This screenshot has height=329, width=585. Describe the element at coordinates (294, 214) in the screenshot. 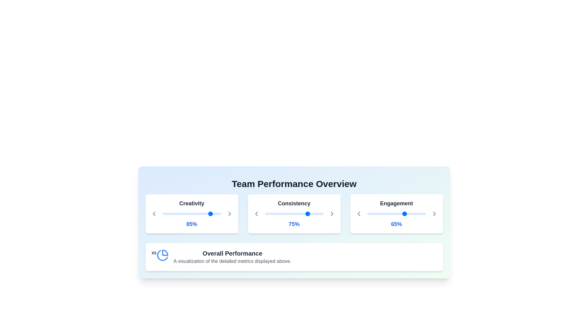

I see `the '75%' percentage text within the 'Consistency' slider card to highlight it` at that location.